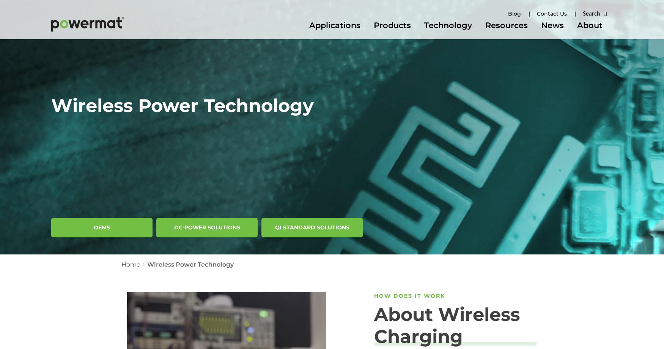 This screenshot has height=349, width=664. I want to click on 'Technology', so click(448, 25).